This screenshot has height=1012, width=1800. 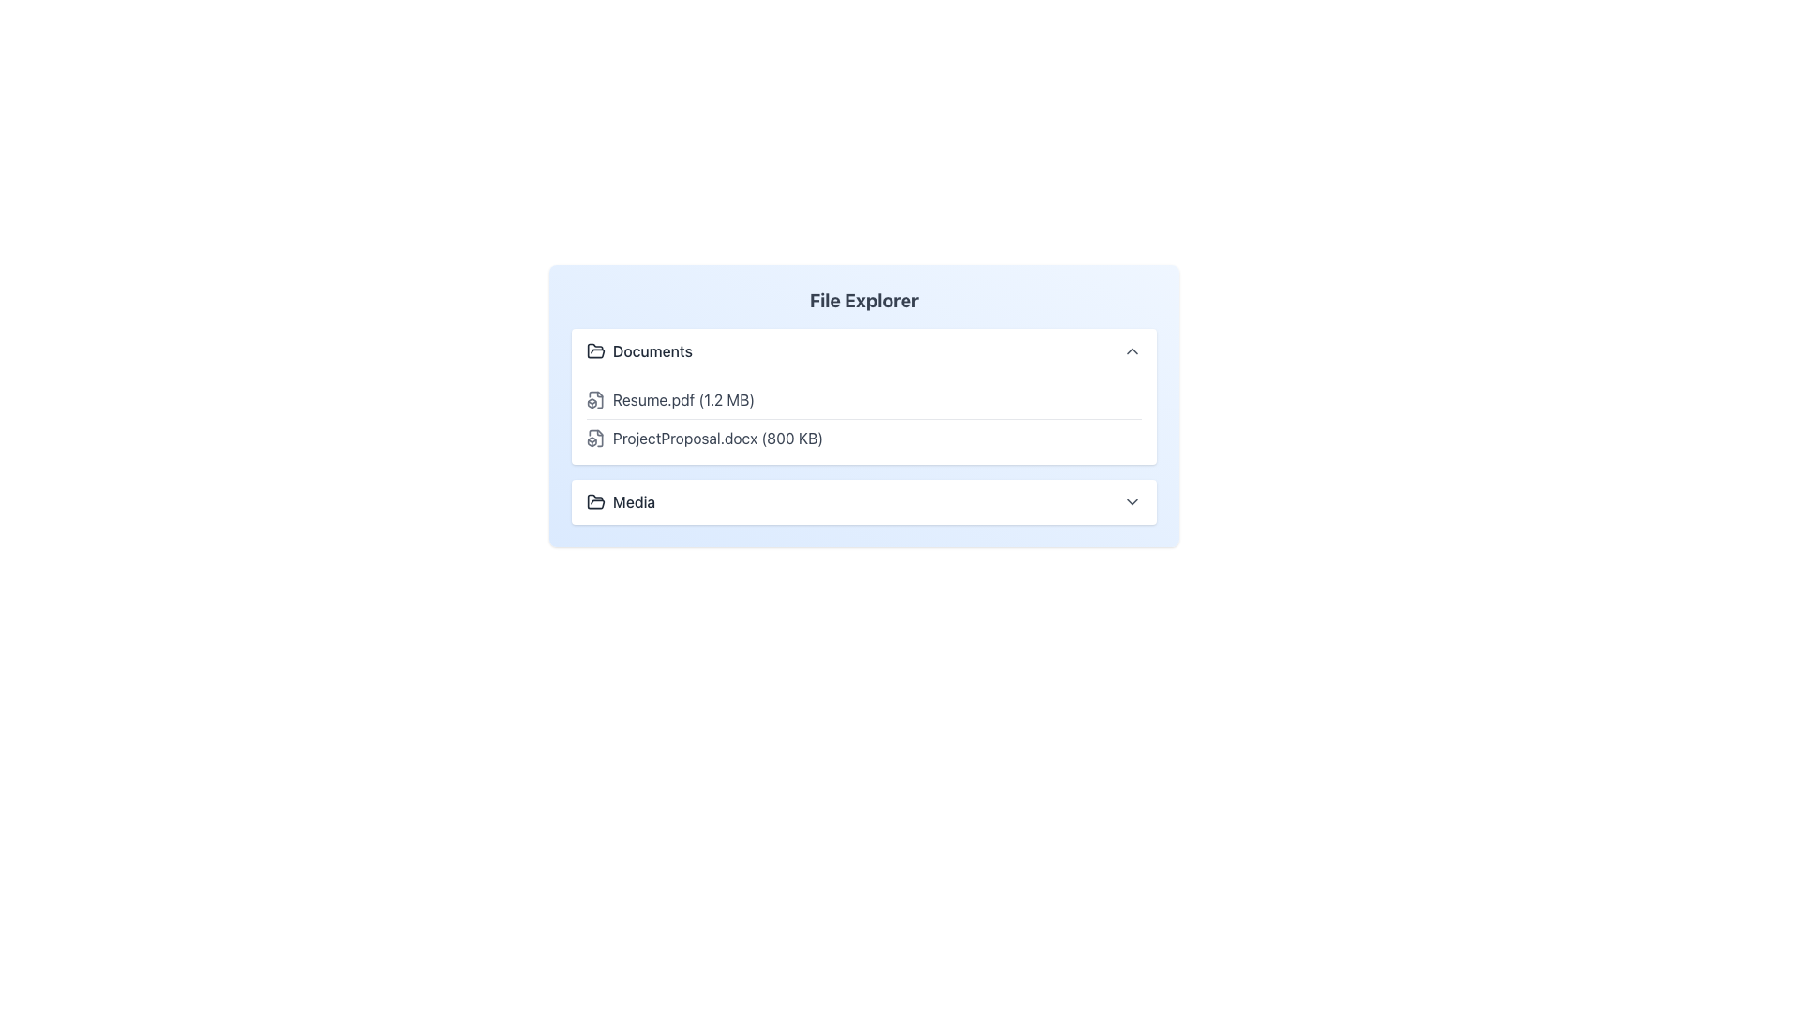 What do you see at coordinates (594, 438) in the screenshot?
I see `the decorative icon representing the file type of 'ProjectProposal.docx', which is located to the left of the text label in the file list of the 'File Explorer'` at bounding box center [594, 438].